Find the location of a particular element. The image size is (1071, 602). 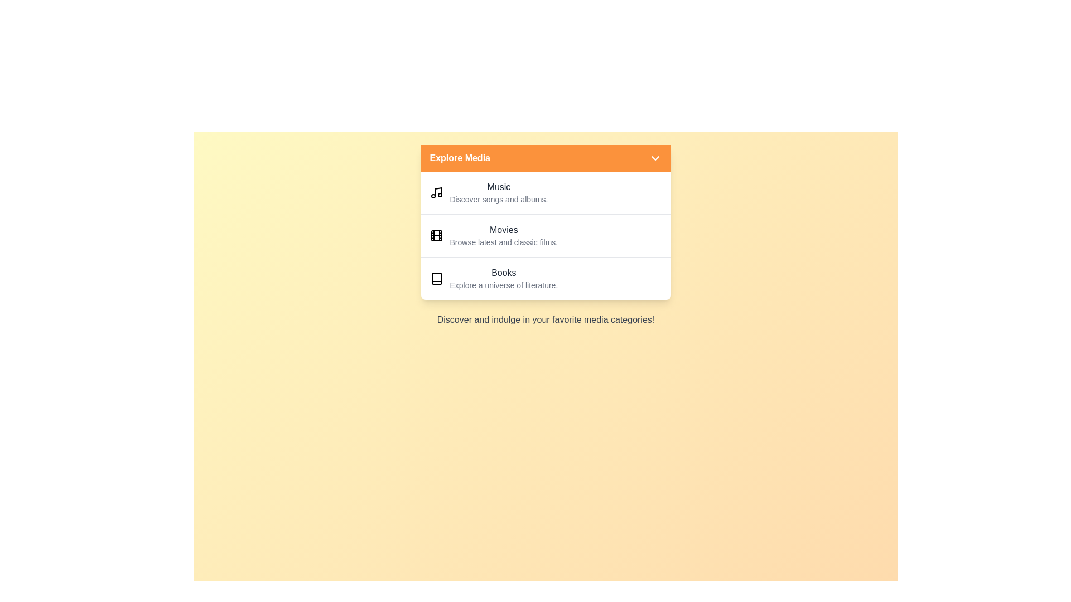

the icon representing the Books category is located at coordinates (436, 278).